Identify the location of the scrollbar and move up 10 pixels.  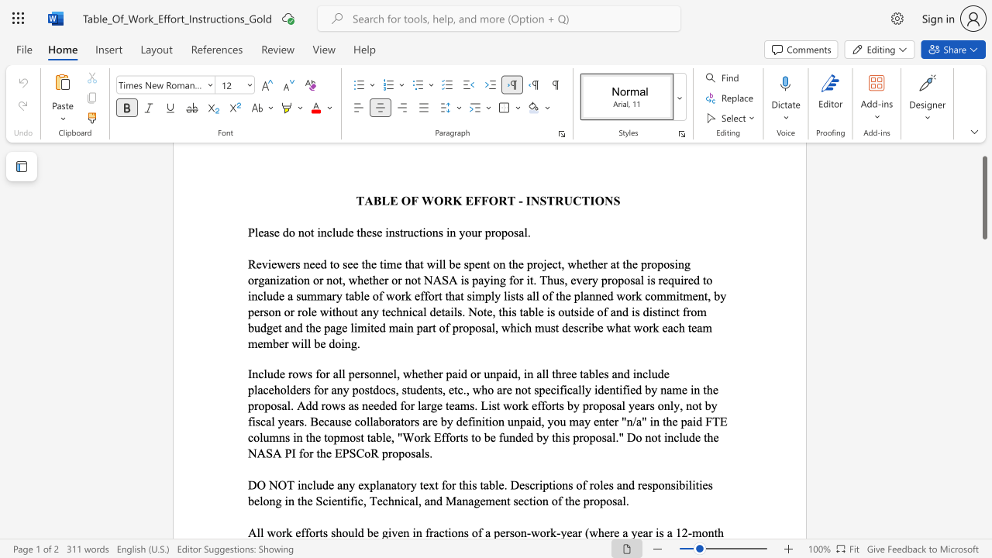
(983, 197).